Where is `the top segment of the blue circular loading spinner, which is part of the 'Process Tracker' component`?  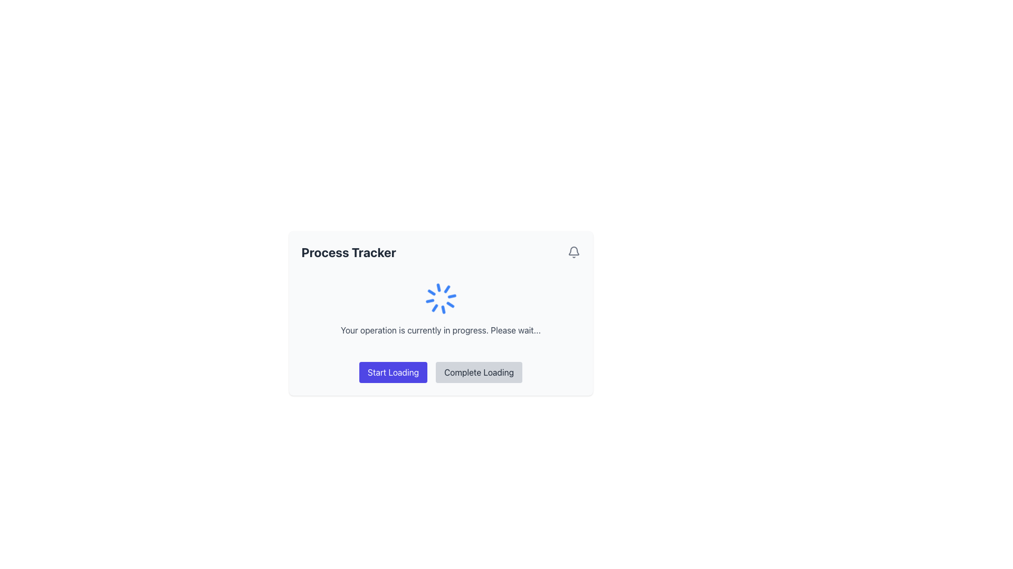 the top segment of the blue circular loading spinner, which is part of the 'Process Tracker' component is located at coordinates (443, 309).